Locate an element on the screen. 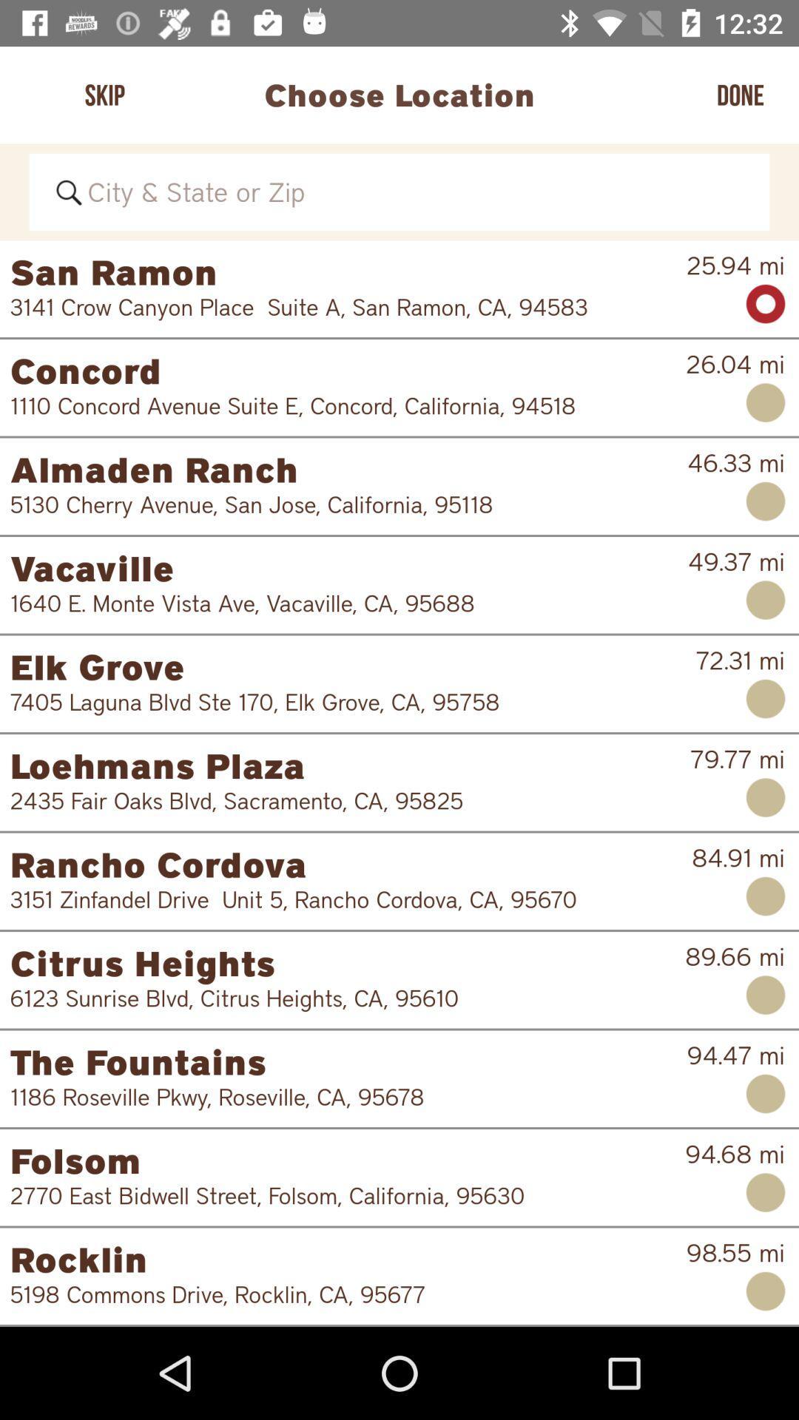 The image size is (799, 1420). location in box is located at coordinates (399, 191).